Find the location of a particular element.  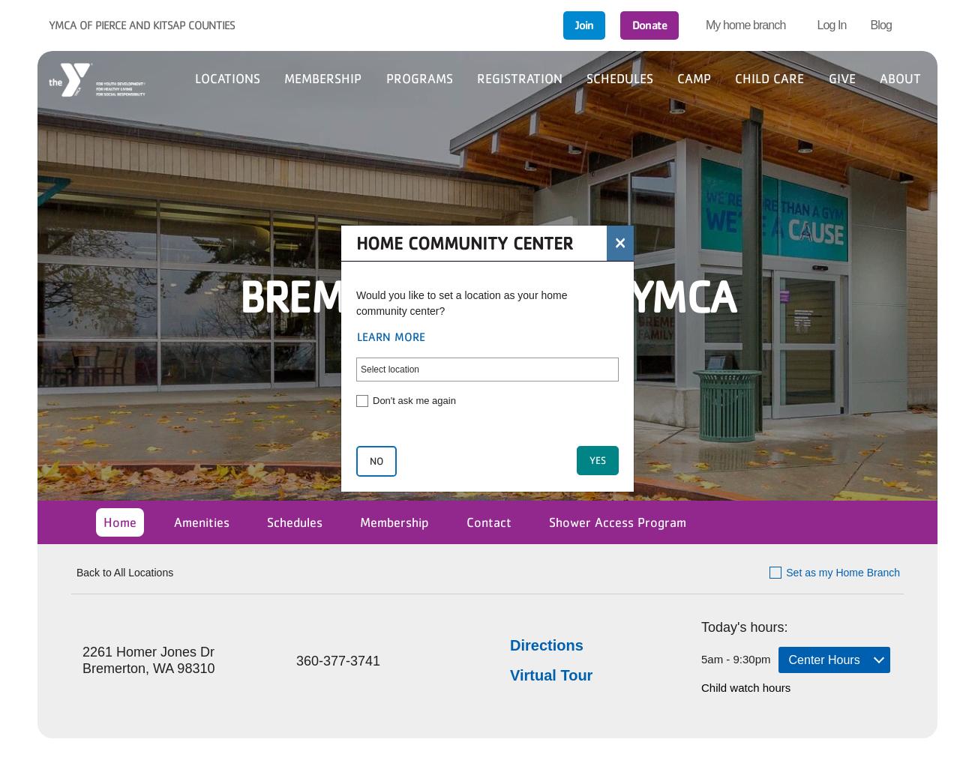

'Back to All Locations' is located at coordinates (76, 571).